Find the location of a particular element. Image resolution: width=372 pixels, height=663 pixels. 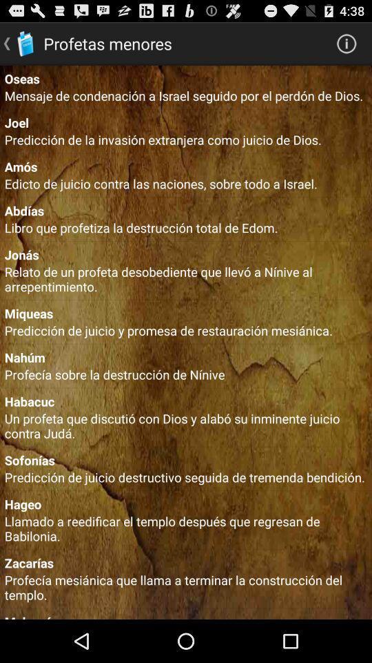

app above the edicto de juicio app is located at coordinates (186, 166).